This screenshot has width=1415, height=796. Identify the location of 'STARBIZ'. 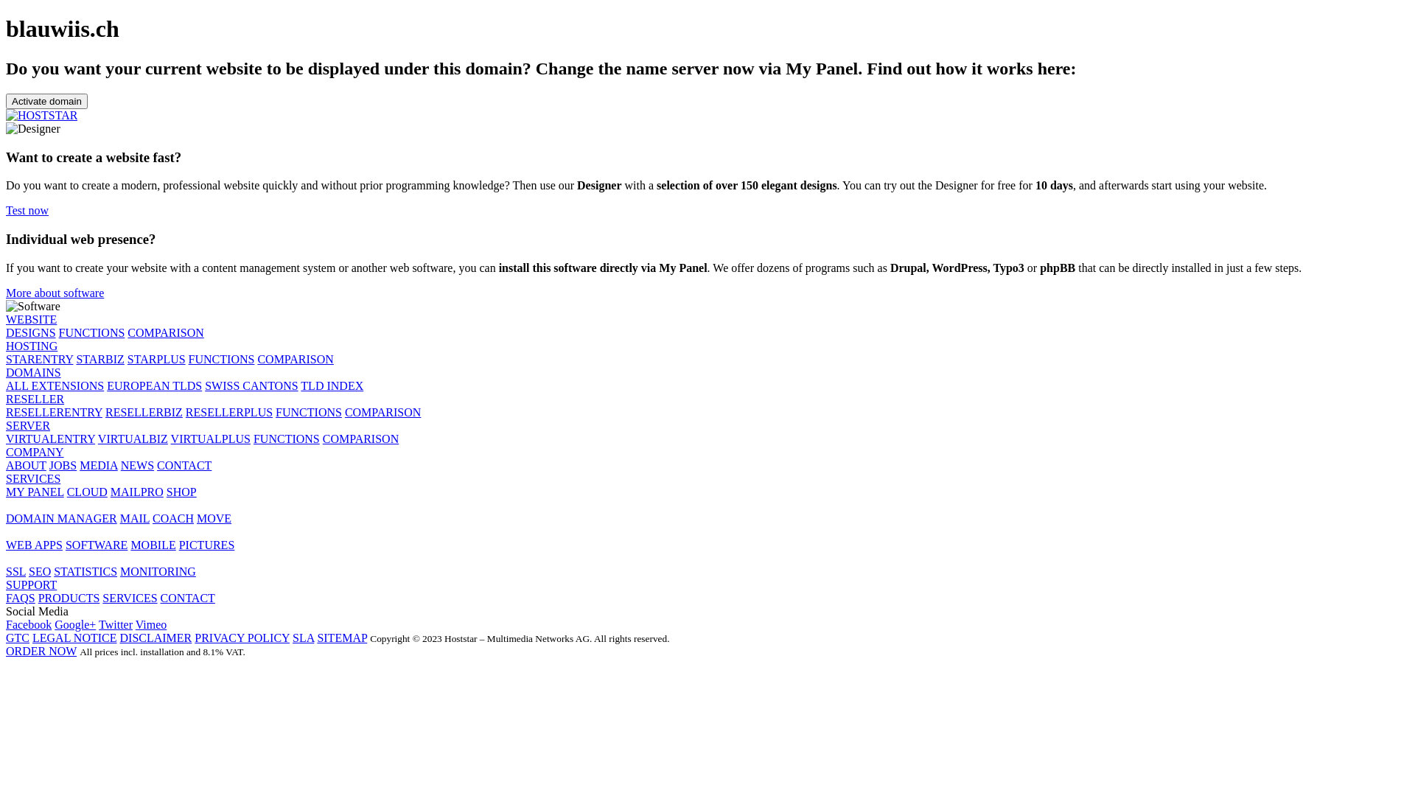
(99, 359).